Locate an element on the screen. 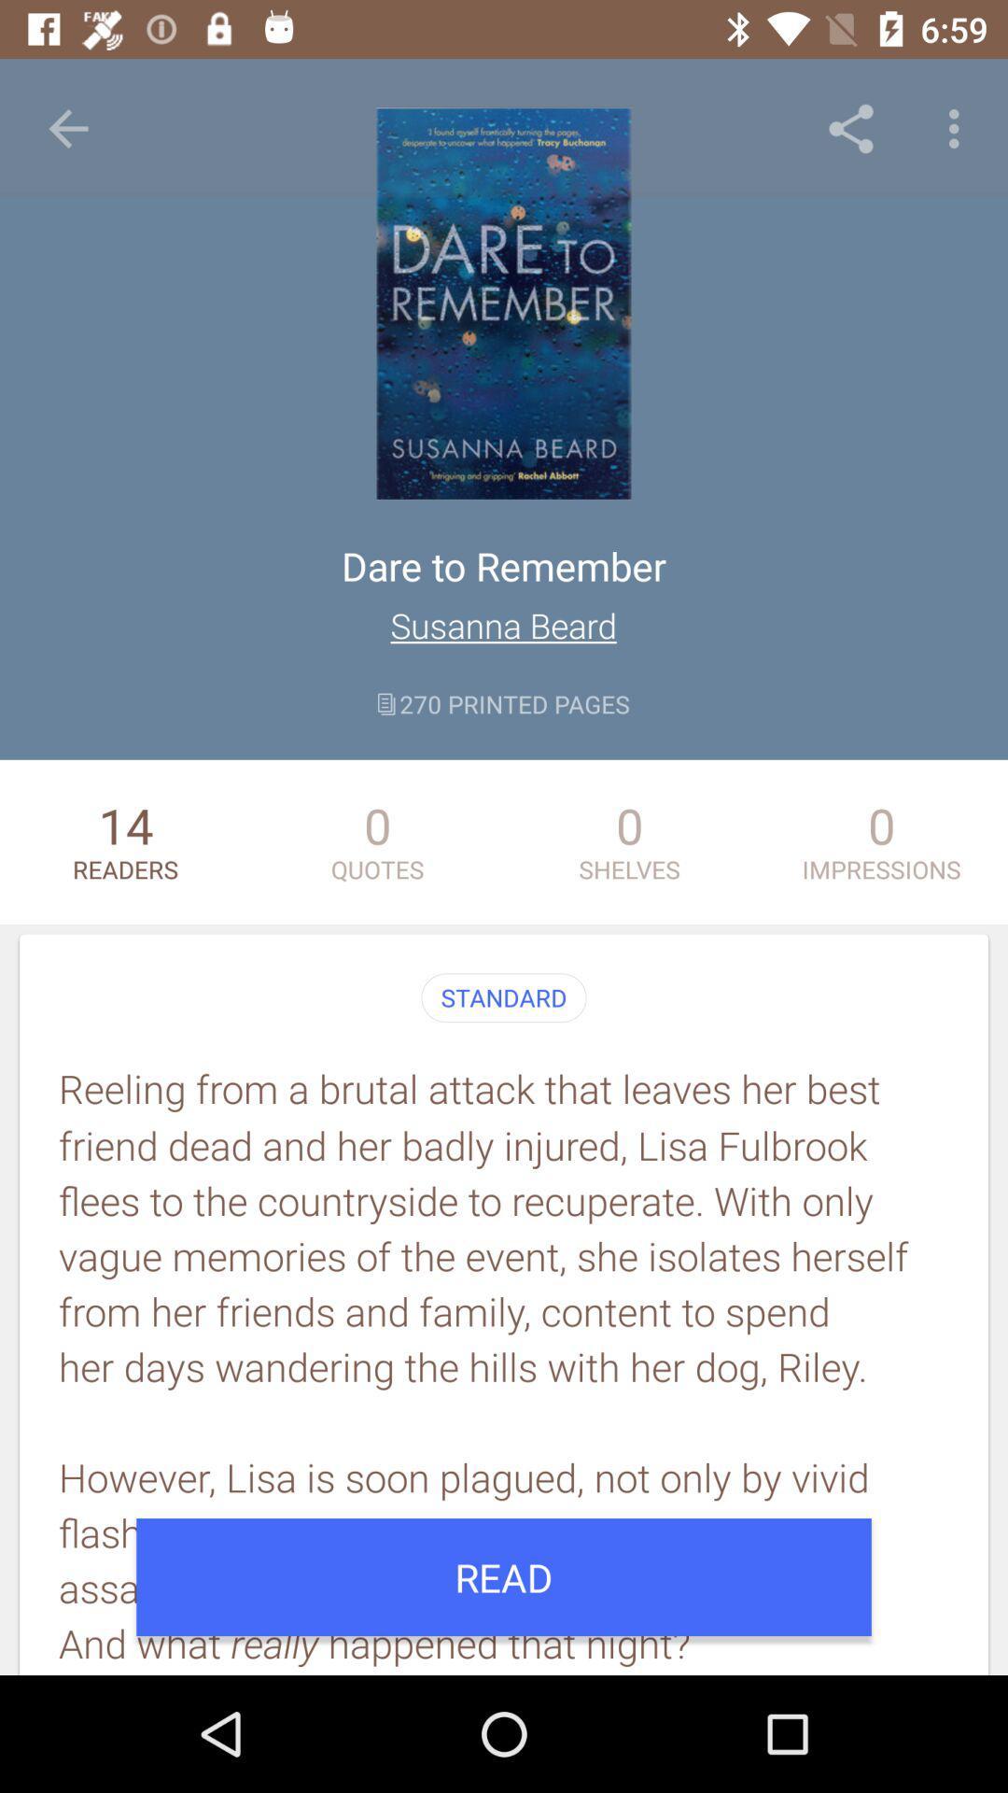 This screenshot has height=1793, width=1008. the icon at the top left corner is located at coordinates (67, 128).